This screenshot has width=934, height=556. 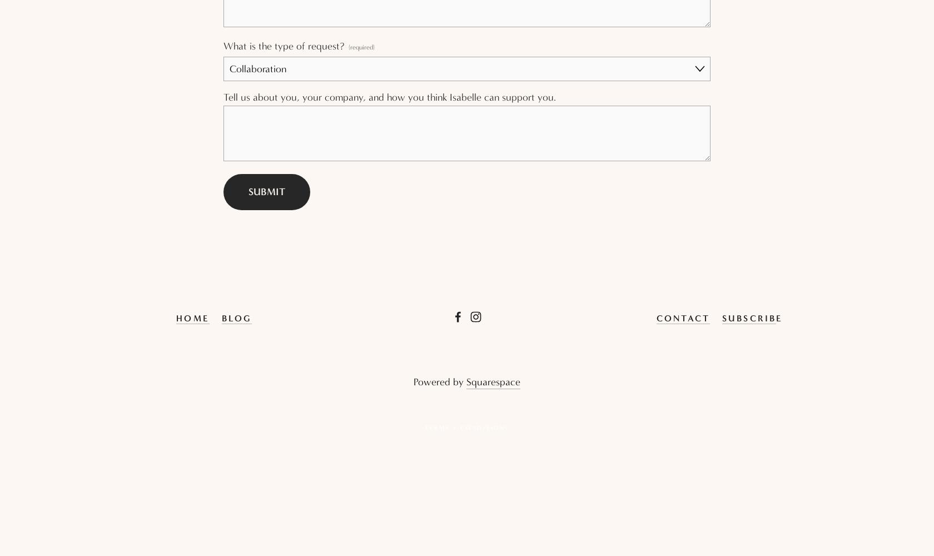 I want to click on 'Contact', so click(x=656, y=317).